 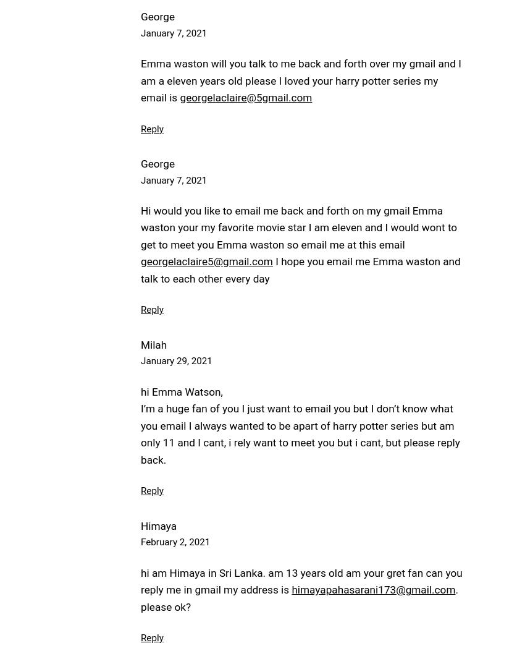 I want to click on 'georgelaclaire@5gmail.com', so click(x=245, y=96).